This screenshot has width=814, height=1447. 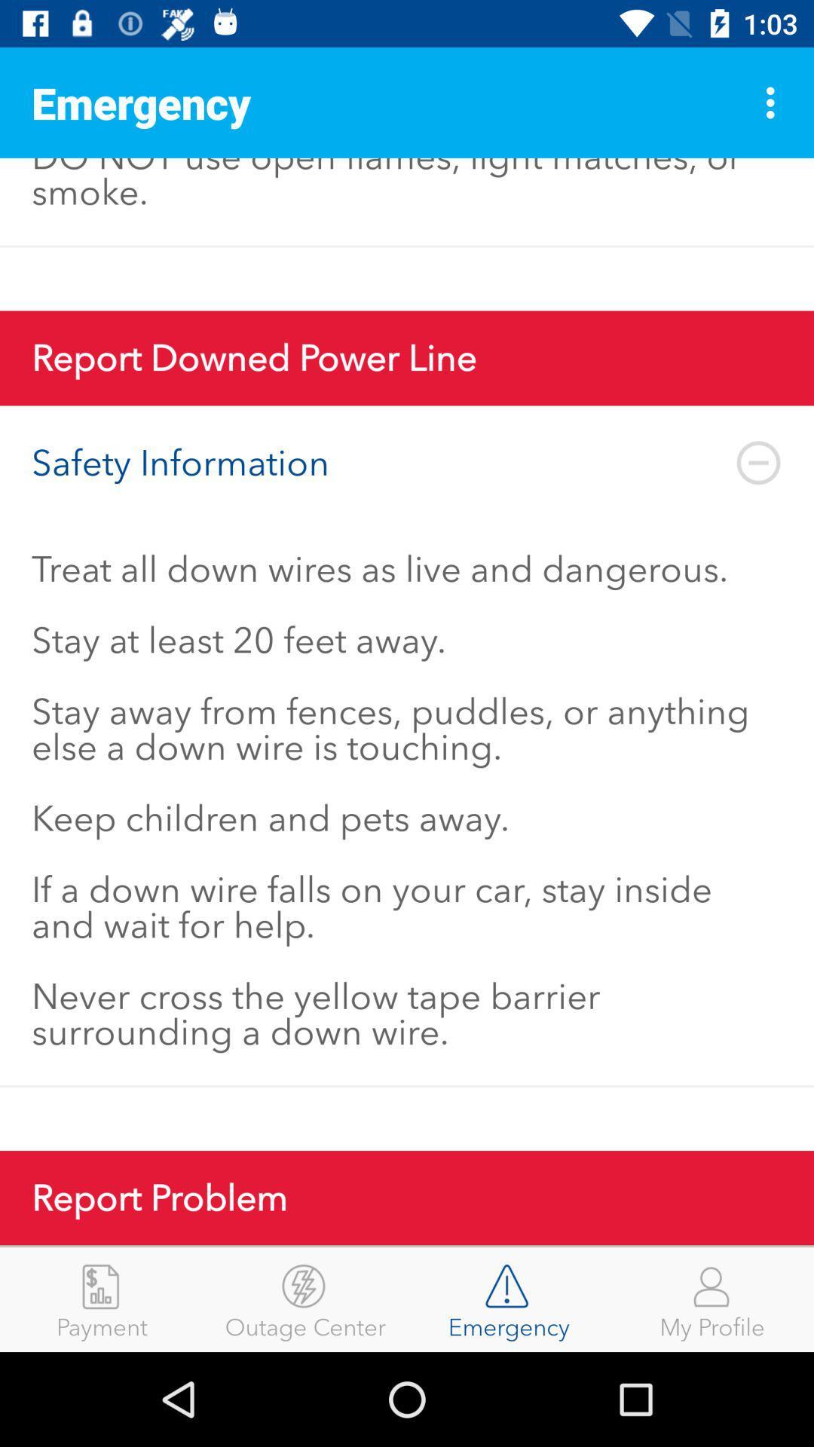 What do you see at coordinates (712, 1299) in the screenshot?
I see `my profile icon` at bounding box center [712, 1299].